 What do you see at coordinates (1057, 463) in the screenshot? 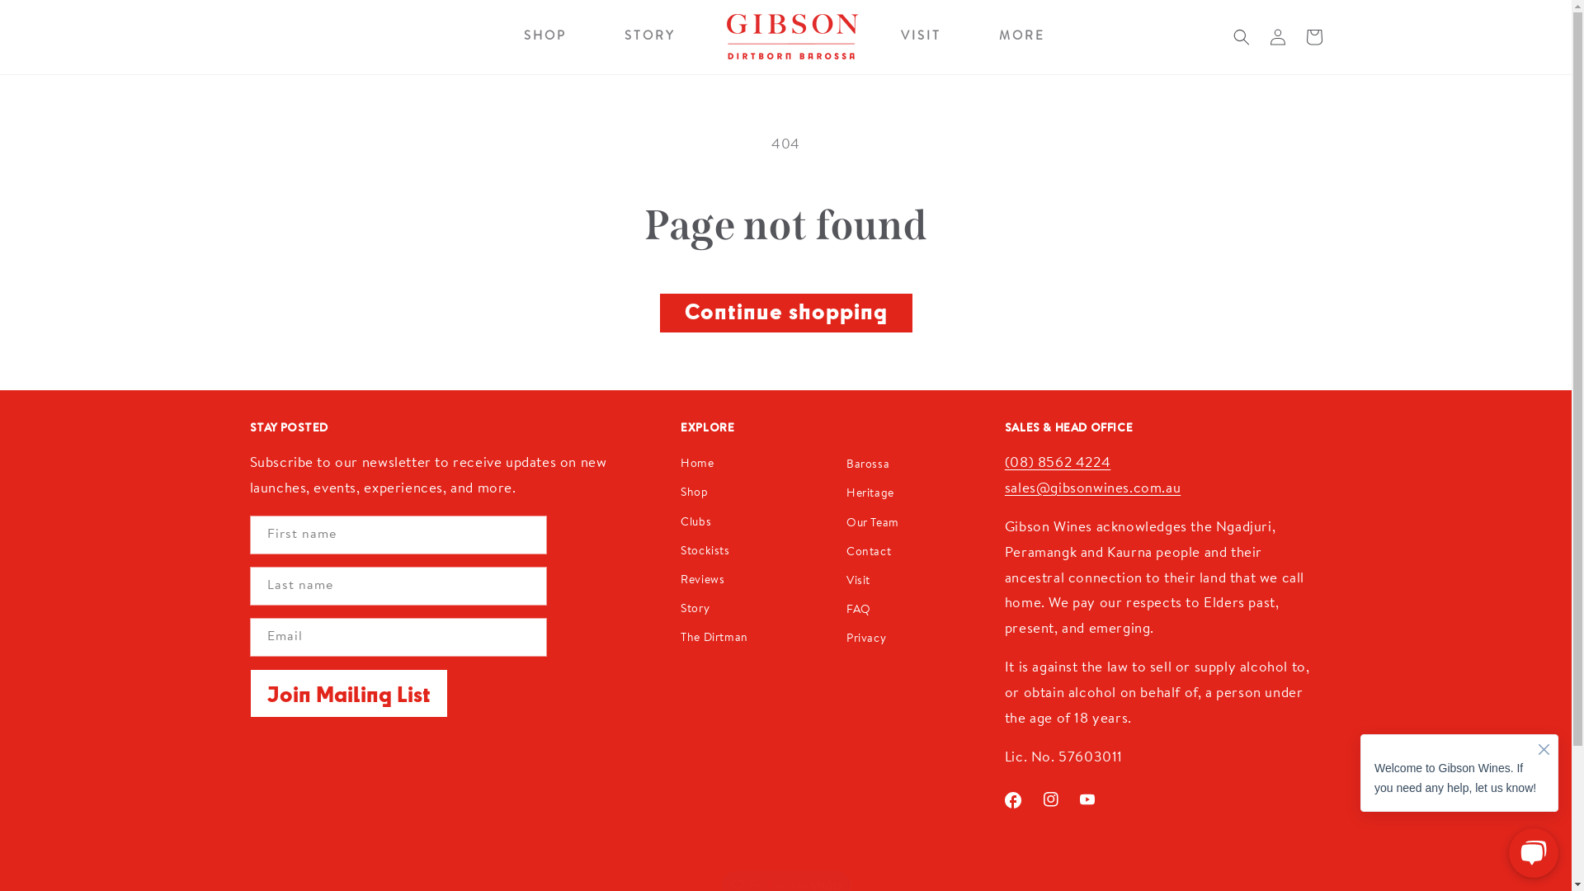
I see `'(08) 8562 4224'` at bounding box center [1057, 463].